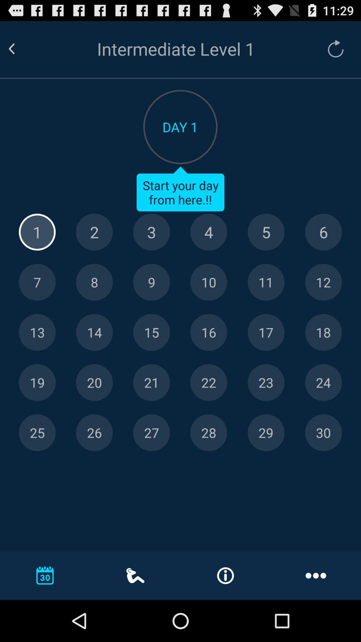 Image resolution: width=361 pixels, height=642 pixels. Describe the element at coordinates (208, 232) in the screenshot. I see `click on date 4` at that location.